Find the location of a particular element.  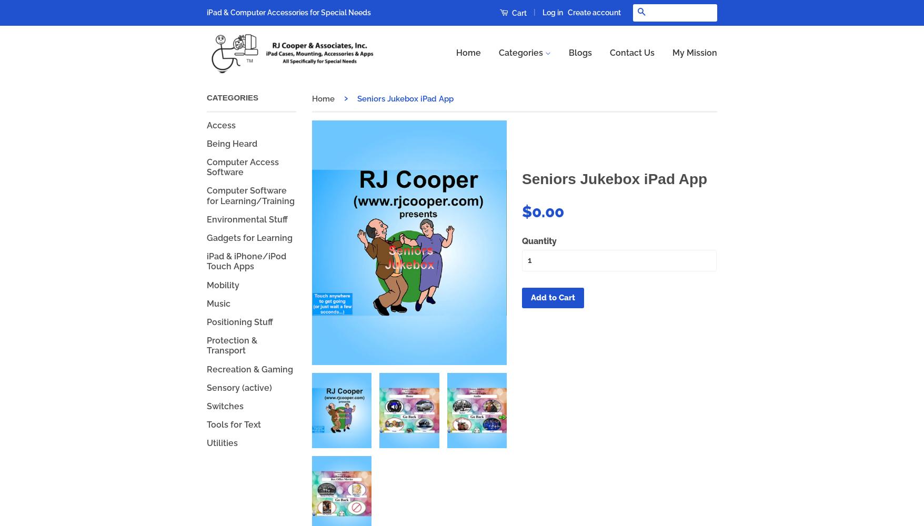

'|' is located at coordinates (534, 12).